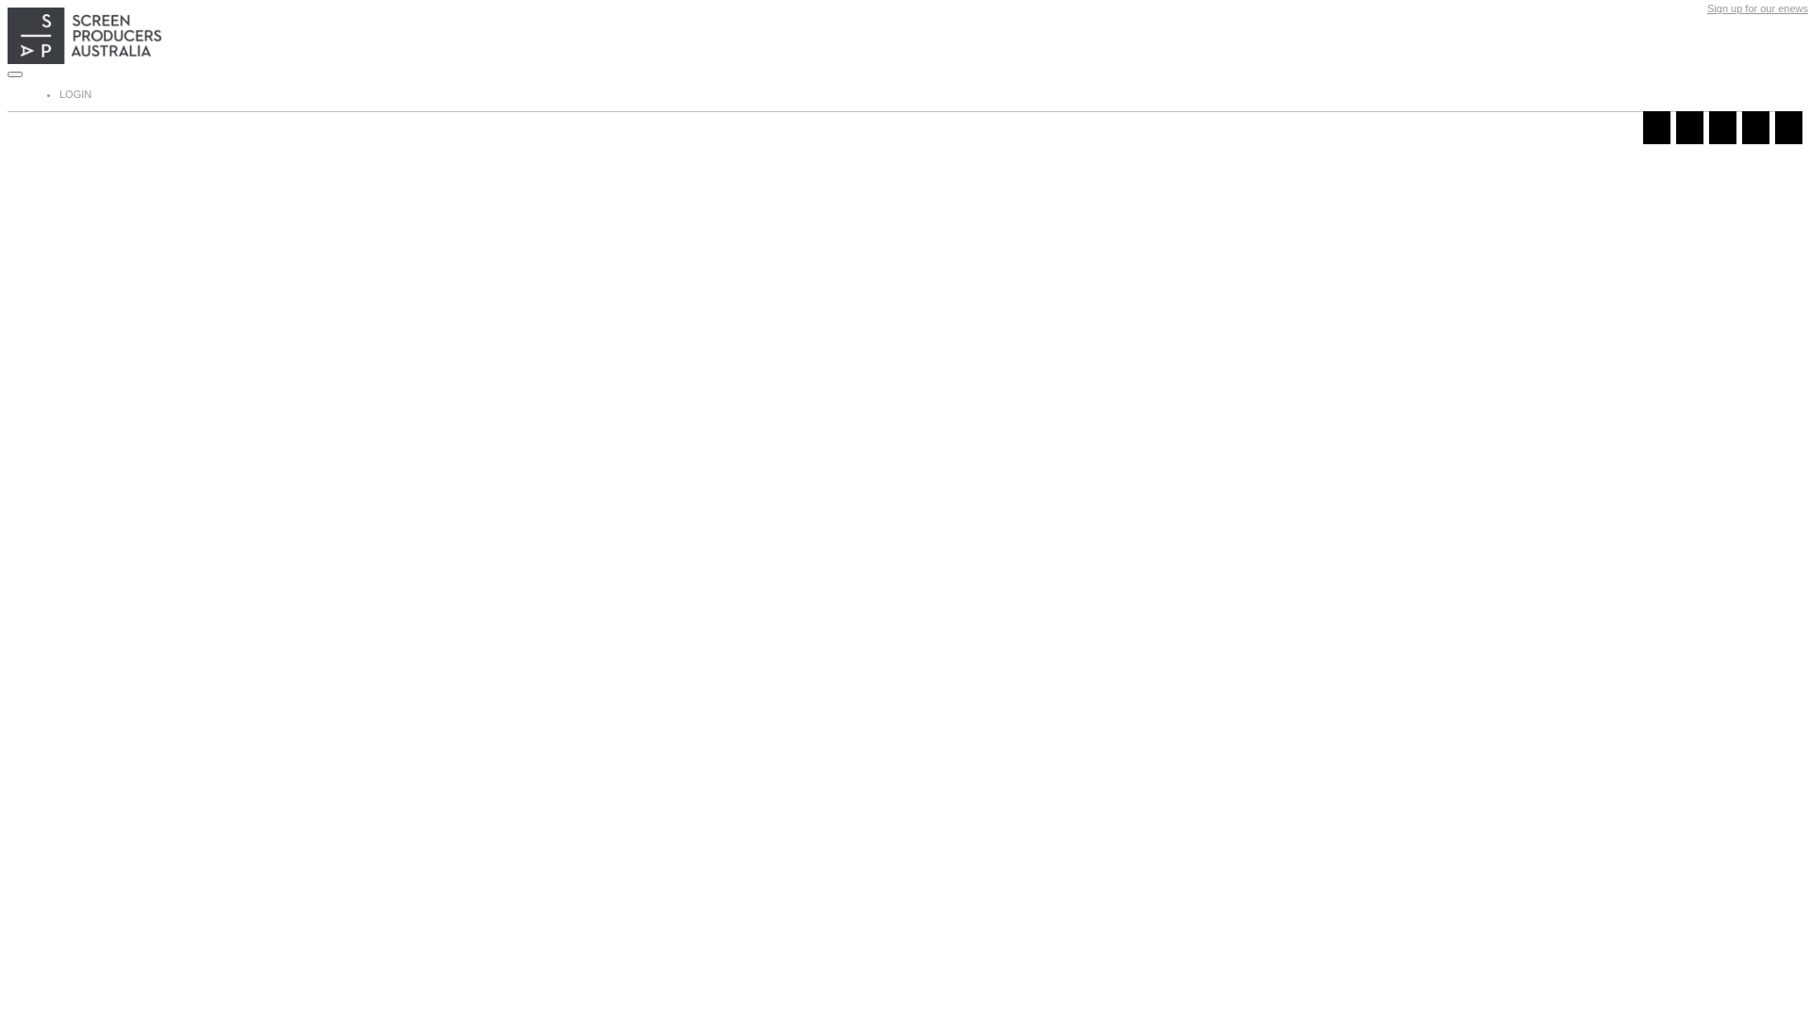 The height and width of the screenshot is (1018, 1810). Describe the element at coordinates (1706, 8) in the screenshot. I see `'Sign up for our enews'` at that location.